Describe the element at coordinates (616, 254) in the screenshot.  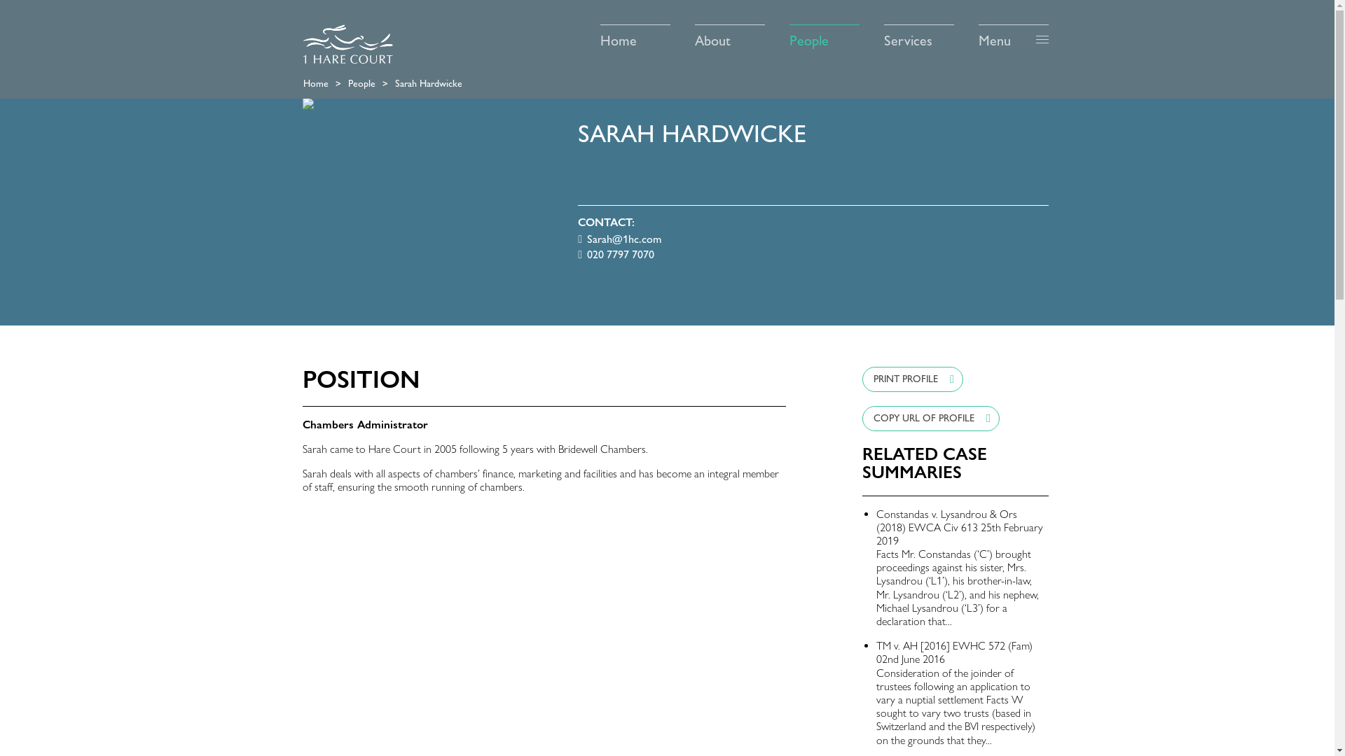
I see `'020 7797 7070'` at that location.